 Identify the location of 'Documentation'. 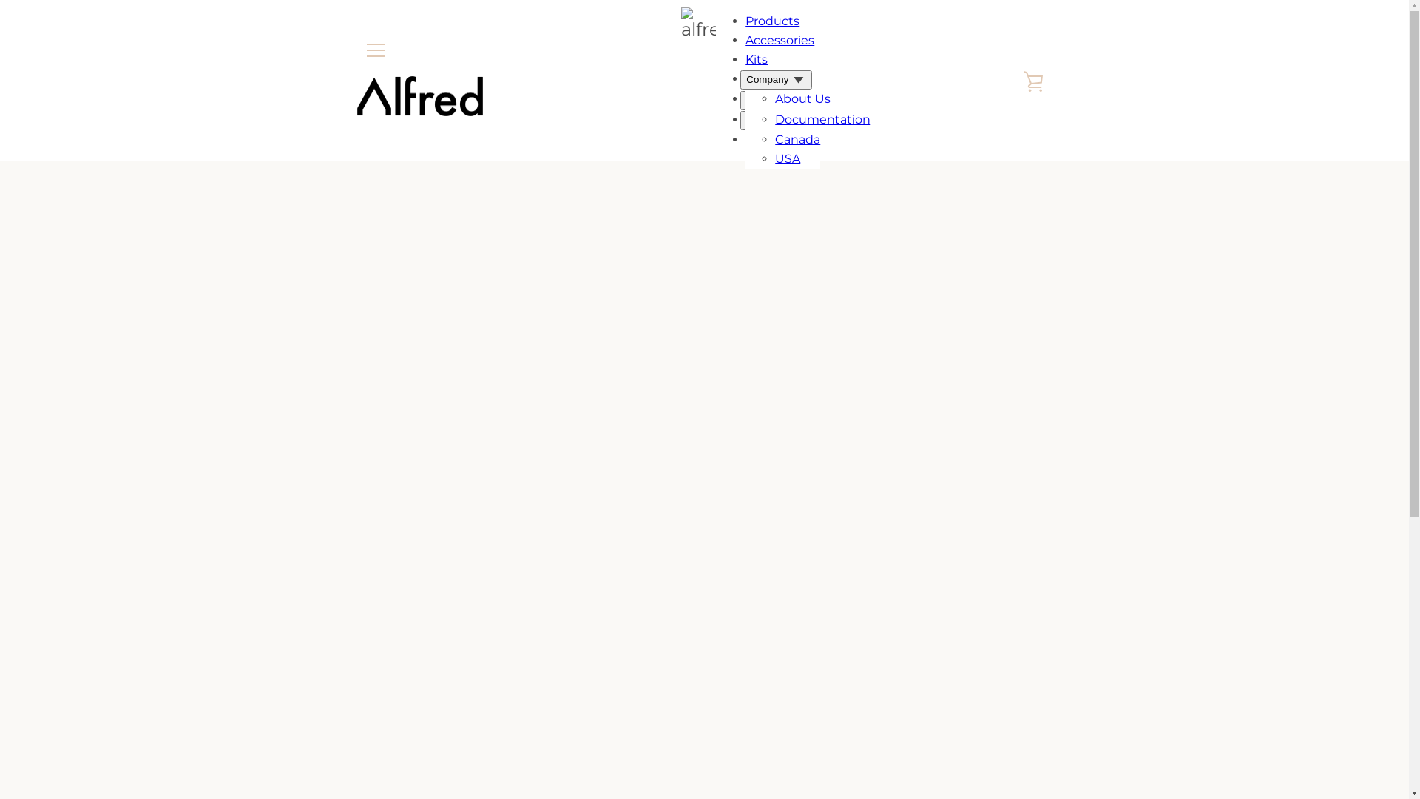
(822, 118).